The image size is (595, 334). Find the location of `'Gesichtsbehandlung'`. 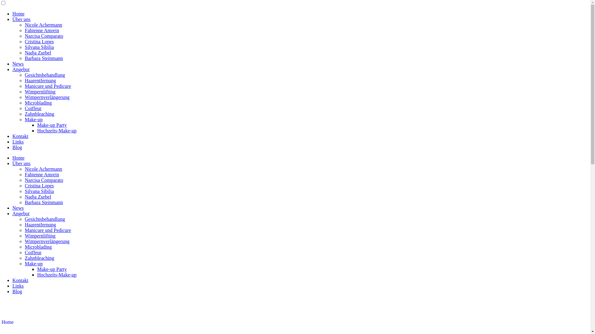

'Gesichtsbehandlung' is located at coordinates (25, 75).